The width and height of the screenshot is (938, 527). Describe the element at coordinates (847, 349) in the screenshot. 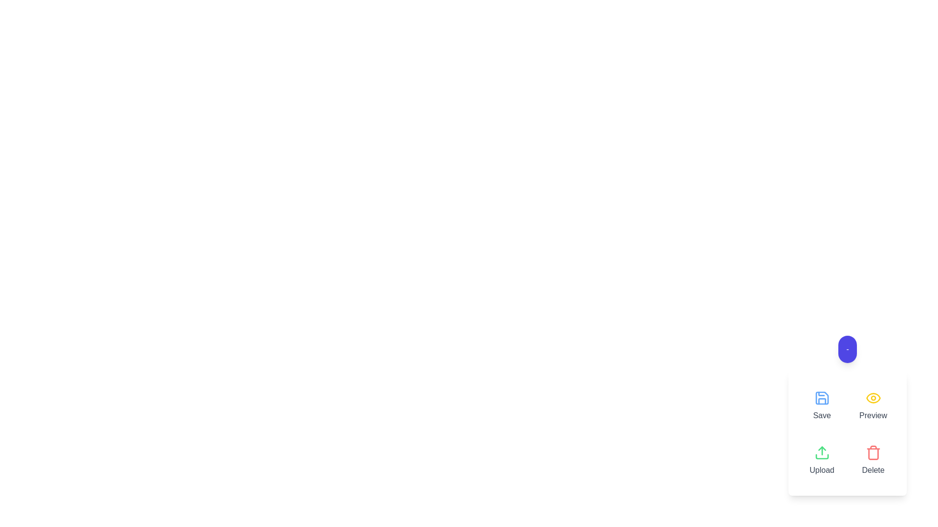

I see `main button to toggle the action menu open or closed` at that location.